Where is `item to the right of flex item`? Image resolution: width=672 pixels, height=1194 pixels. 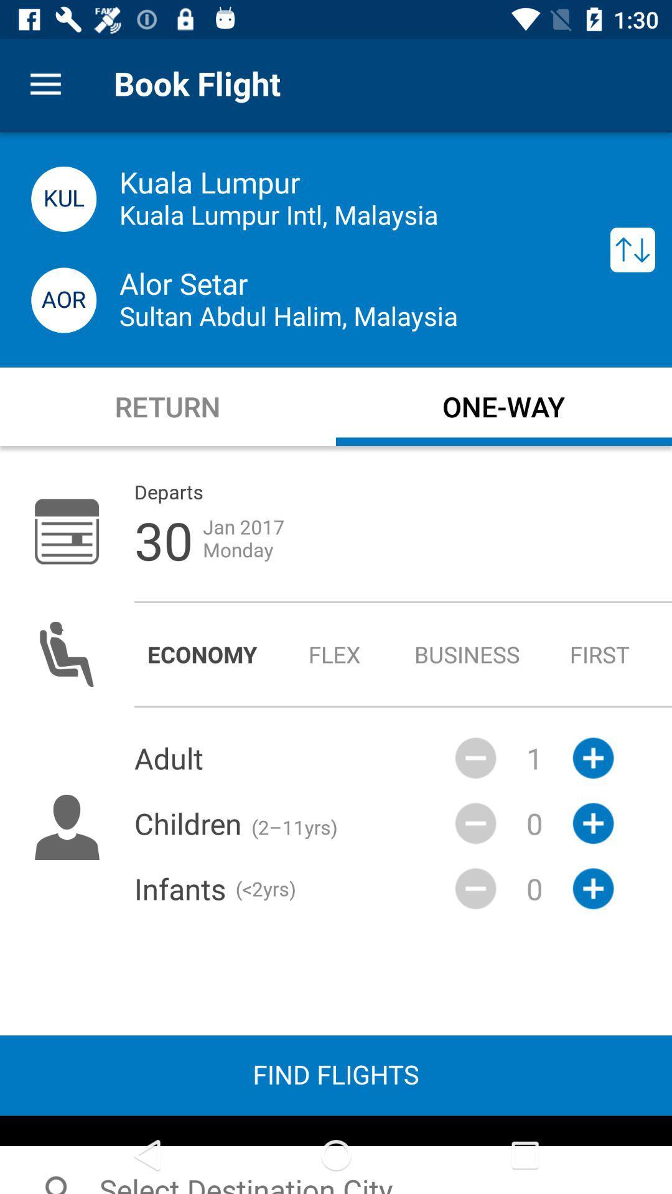
item to the right of flex item is located at coordinates (467, 654).